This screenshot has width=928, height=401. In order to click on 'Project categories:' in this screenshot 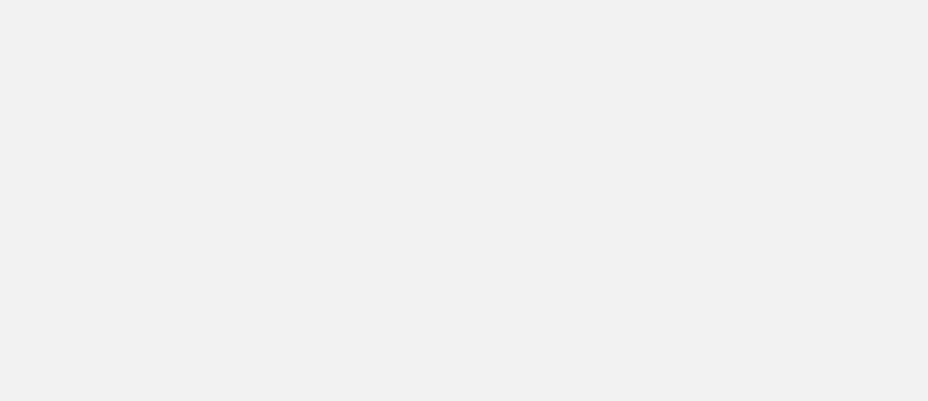, I will do `click(591, 14)`.